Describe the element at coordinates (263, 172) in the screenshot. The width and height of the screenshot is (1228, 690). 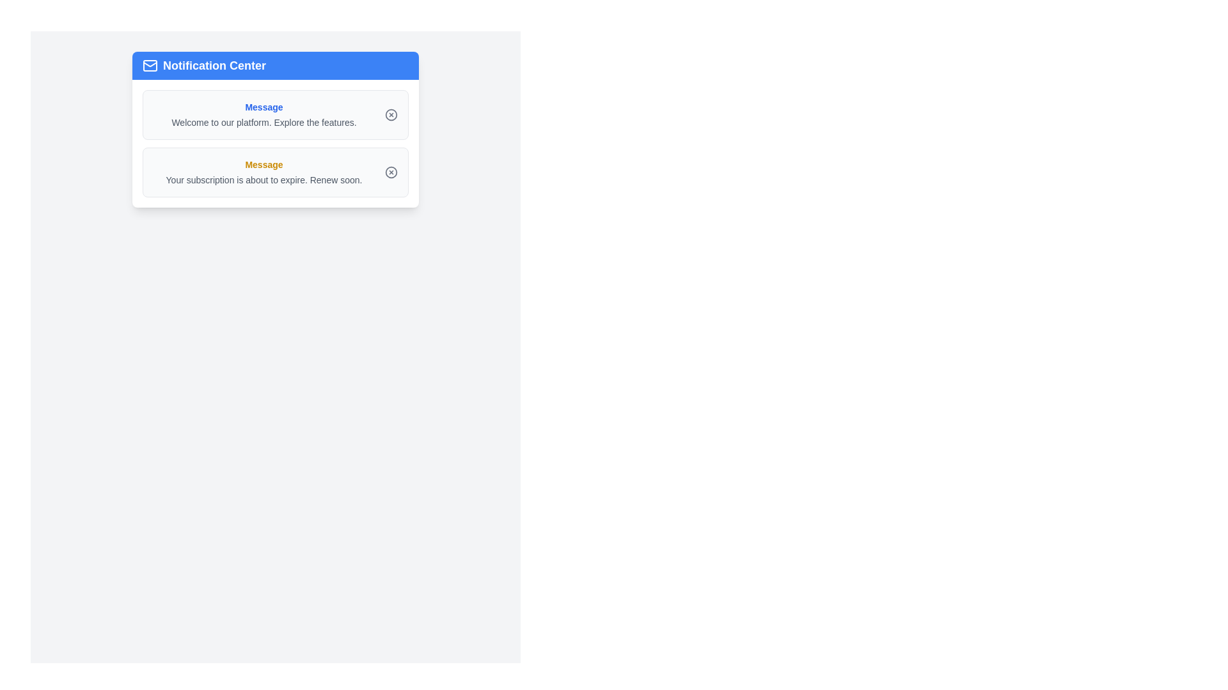
I see `warning message about subscription expiration displayed in the second notification of the 'Notification Center' component, located centrally in the viewport` at that location.